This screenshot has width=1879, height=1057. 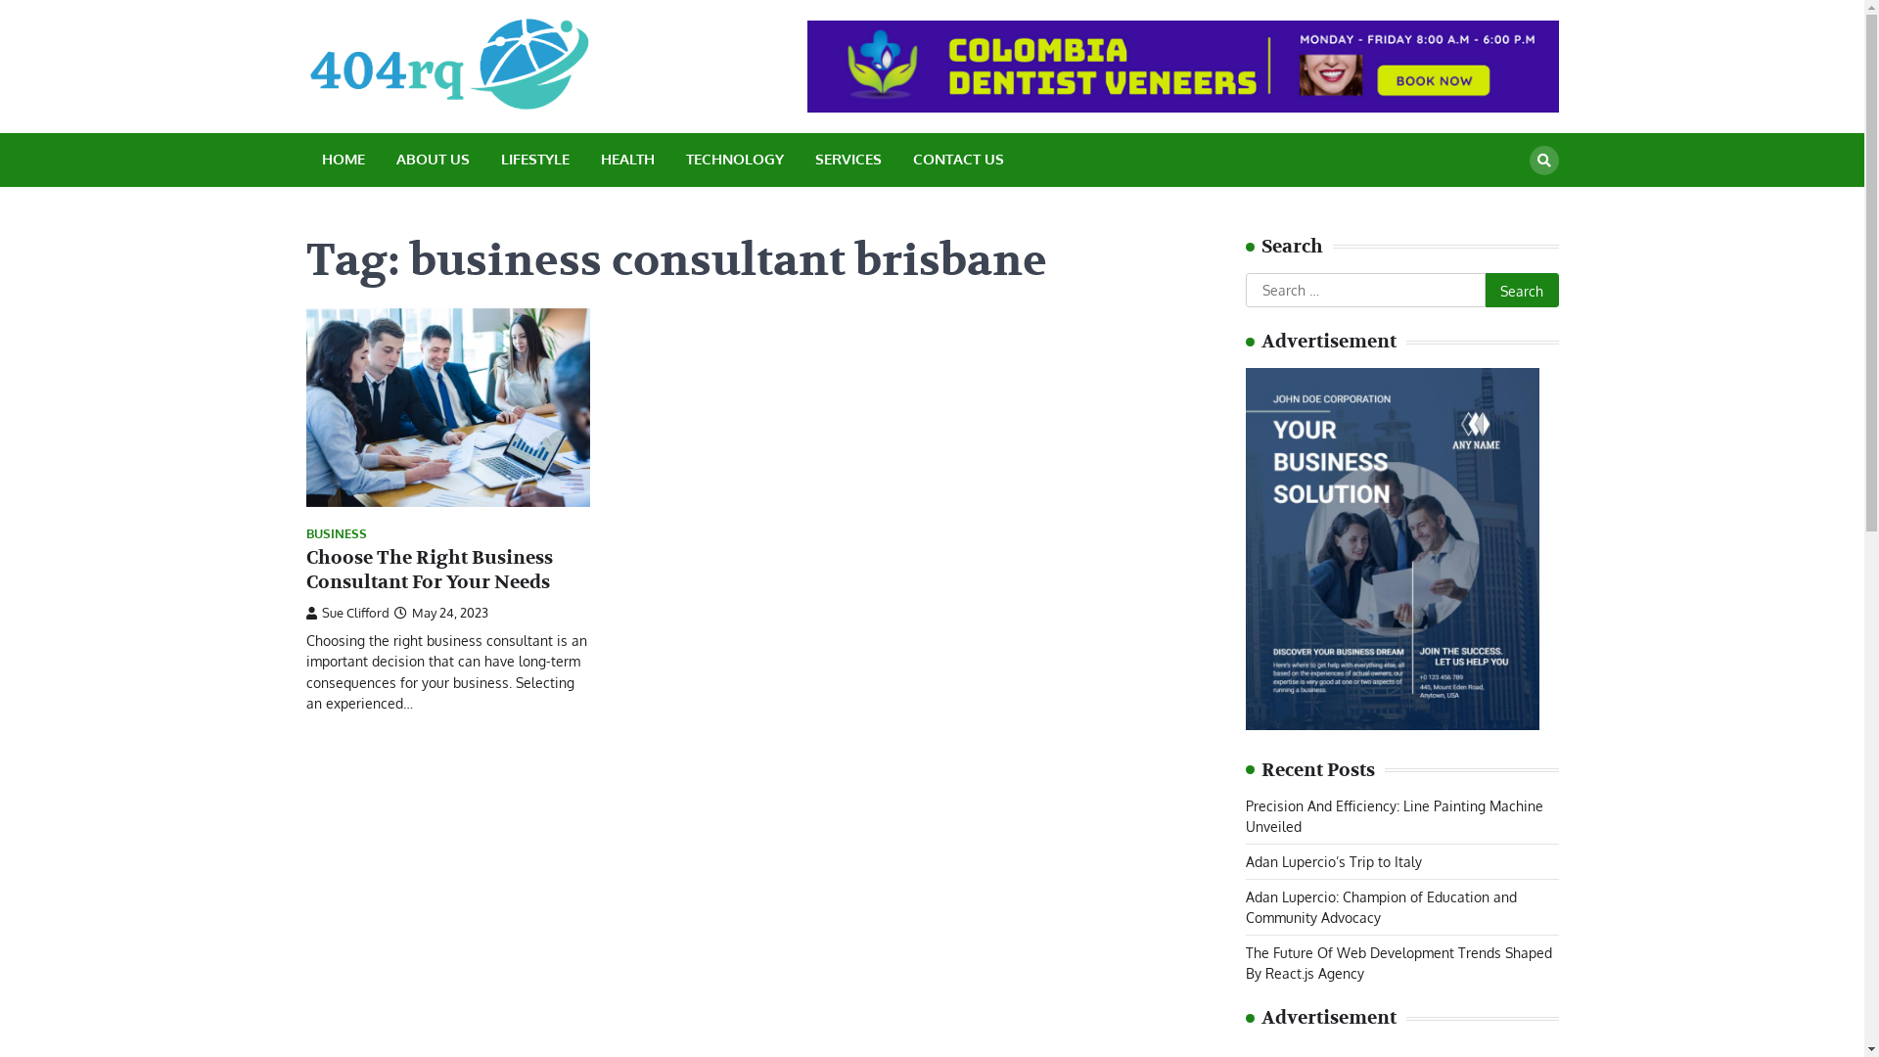 I want to click on 'CONTACT US', so click(x=957, y=159).